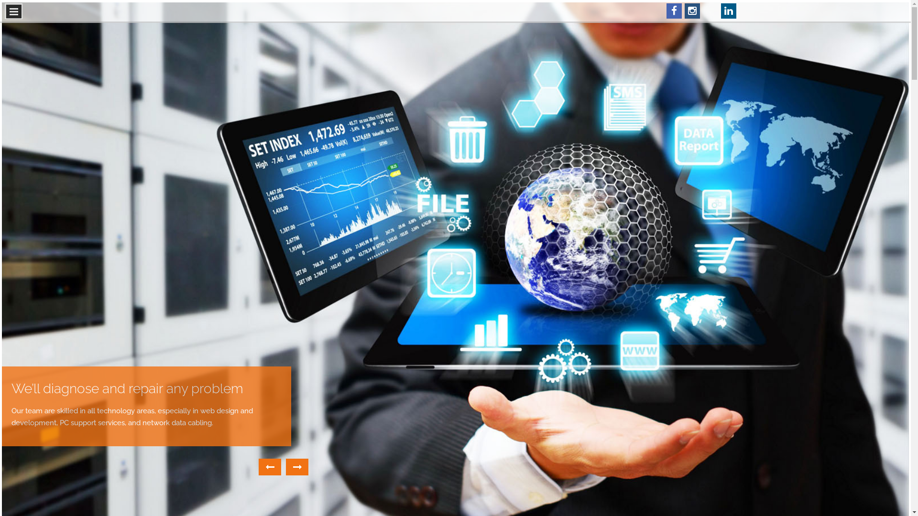 This screenshot has width=918, height=516. Describe the element at coordinates (296, 466) in the screenshot. I see `'Next'` at that location.